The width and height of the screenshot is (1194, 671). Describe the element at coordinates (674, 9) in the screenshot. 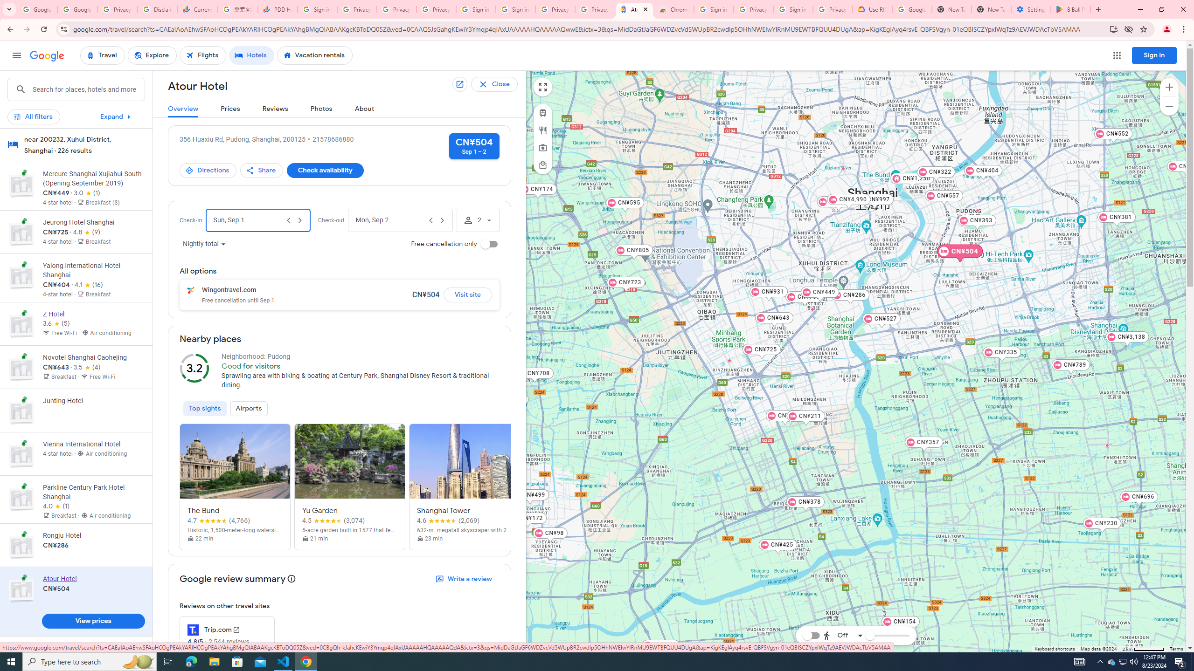

I see `'Chrome Web Store - Color themes by Chrome'` at that location.